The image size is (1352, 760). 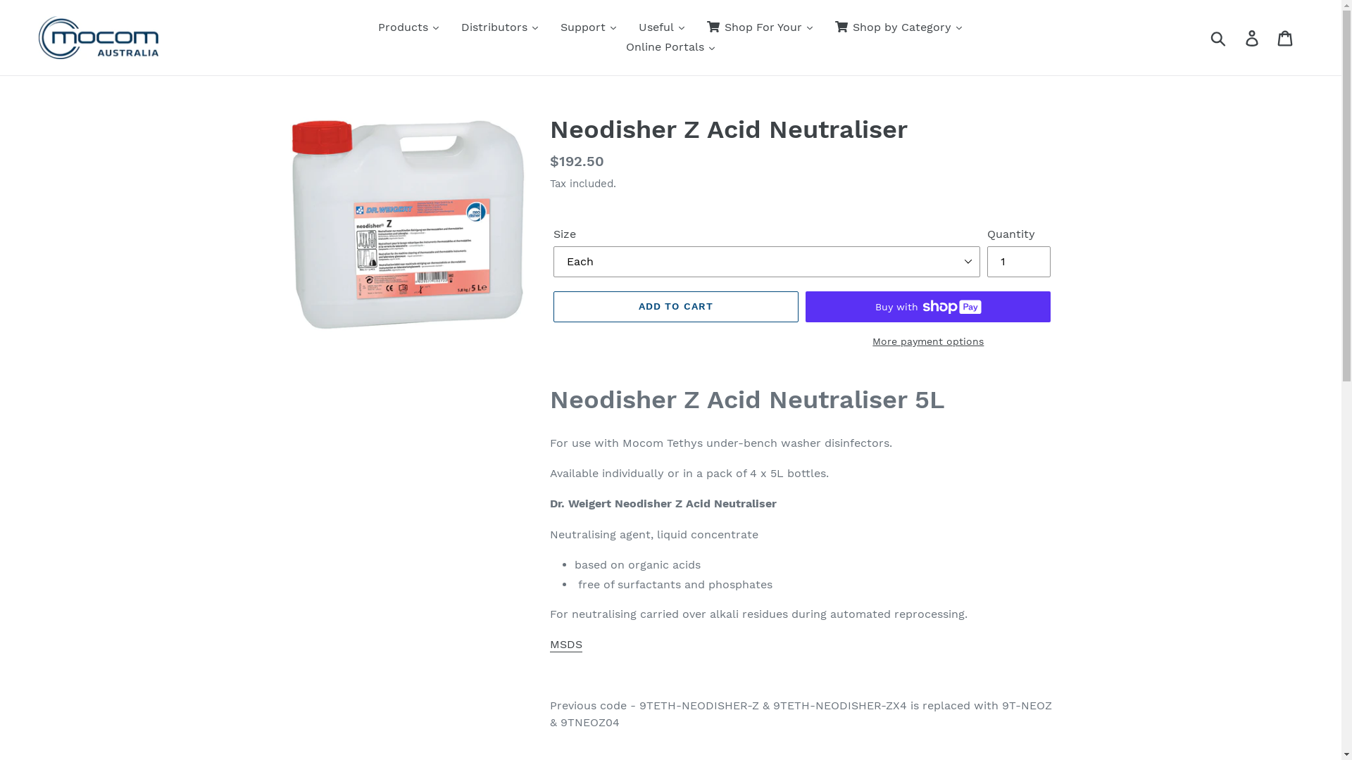 What do you see at coordinates (408, 27) in the screenshot?
I see `'Products'` at bounding box center [408, 27].